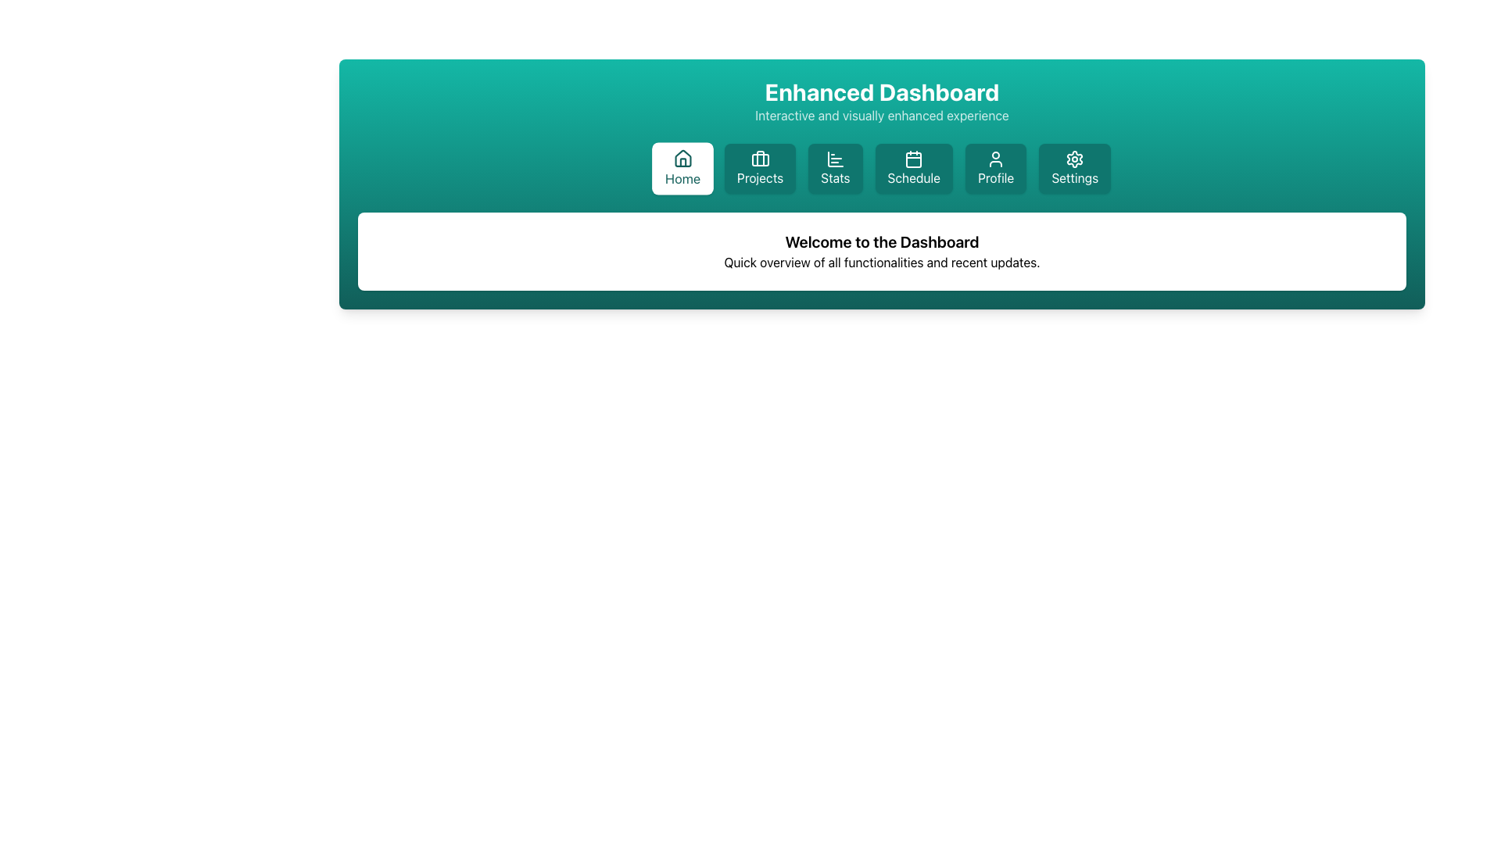  What do you see at coordinates (760, 159) in the screenshot?
I see `the 'Projects' button, which contains the SVG graphical component representing projects` at bounding box center [760, 159].